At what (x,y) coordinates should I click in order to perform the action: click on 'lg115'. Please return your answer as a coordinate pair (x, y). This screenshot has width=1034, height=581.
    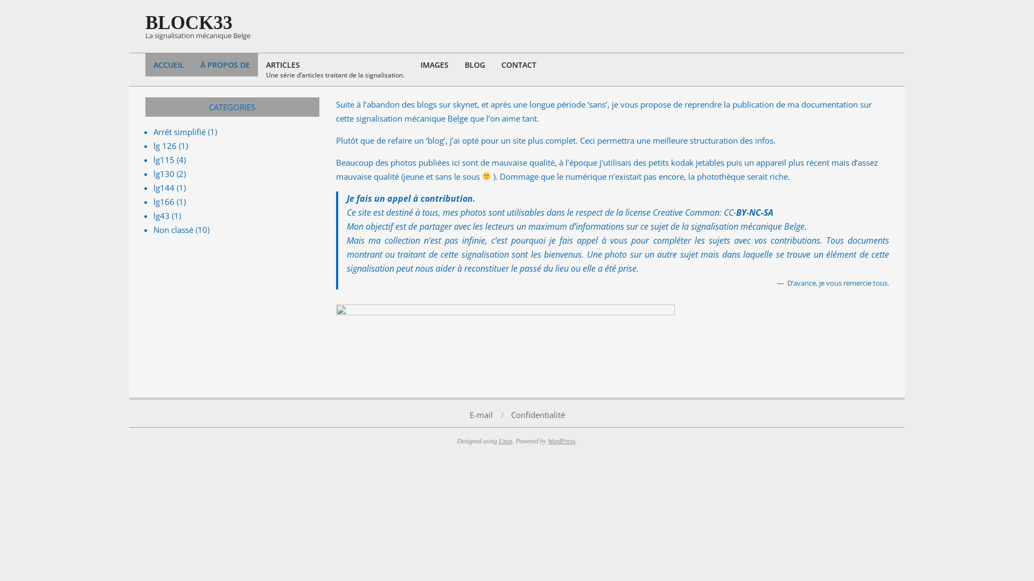
    Looking at the image, I should click on (163, 160).